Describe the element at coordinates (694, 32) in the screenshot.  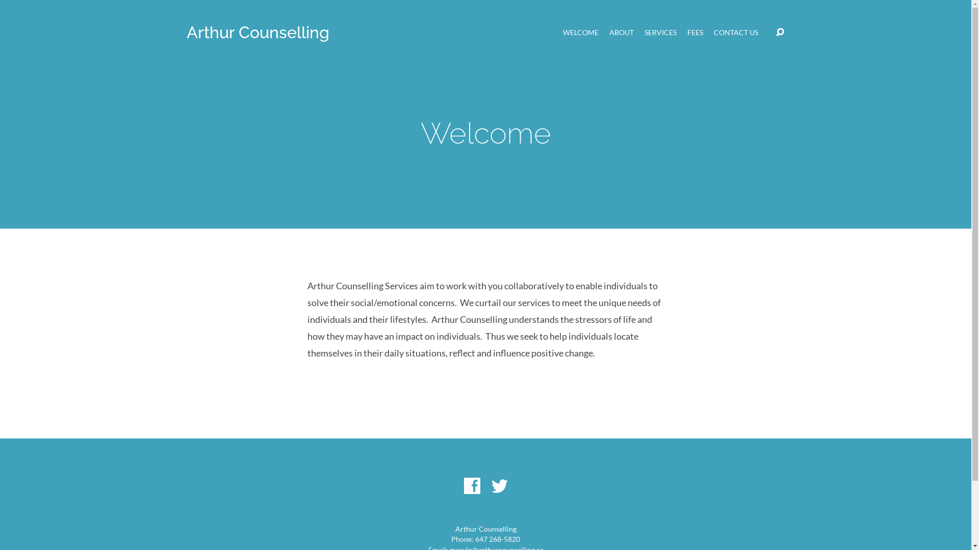
I see `'FEES'` at that location.